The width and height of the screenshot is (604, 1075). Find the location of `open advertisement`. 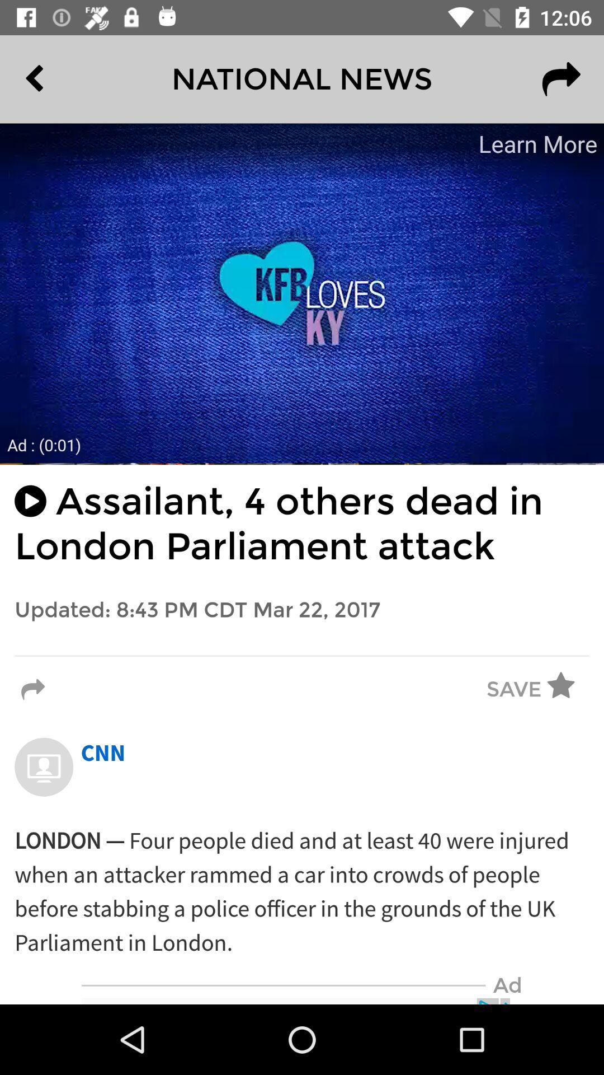

open advertisement is located at coordinates (302, 293).